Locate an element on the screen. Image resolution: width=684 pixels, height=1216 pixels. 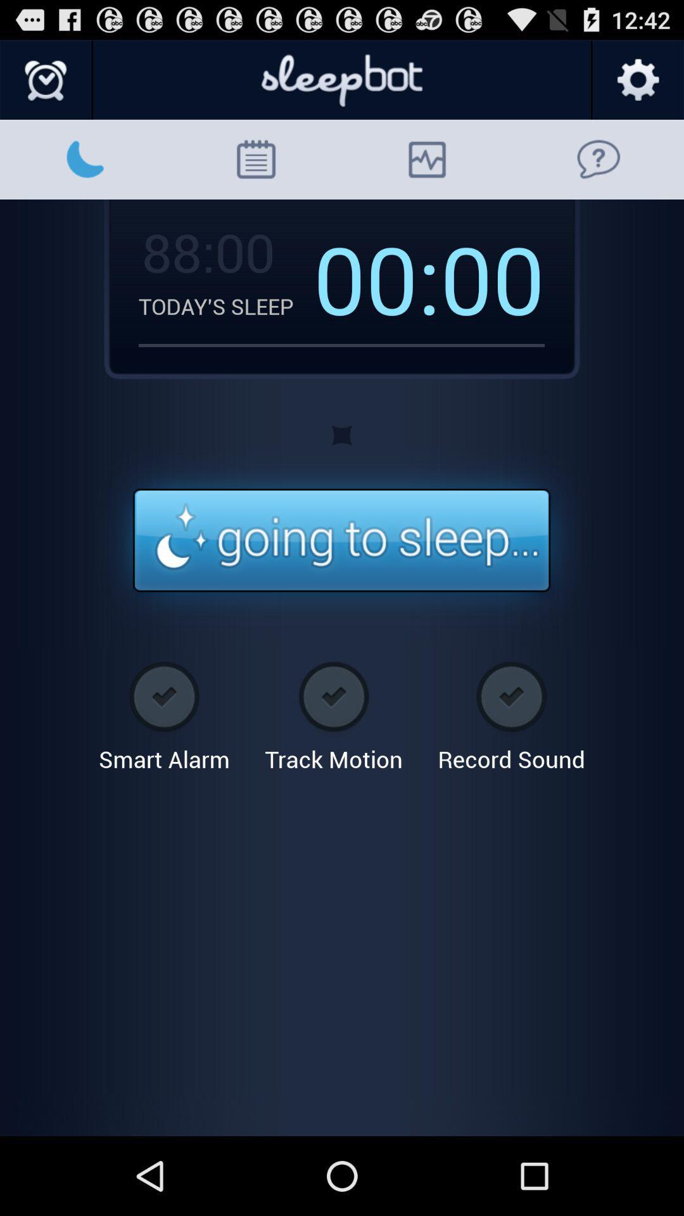
the settings icon is located at coordinates (637, 85).